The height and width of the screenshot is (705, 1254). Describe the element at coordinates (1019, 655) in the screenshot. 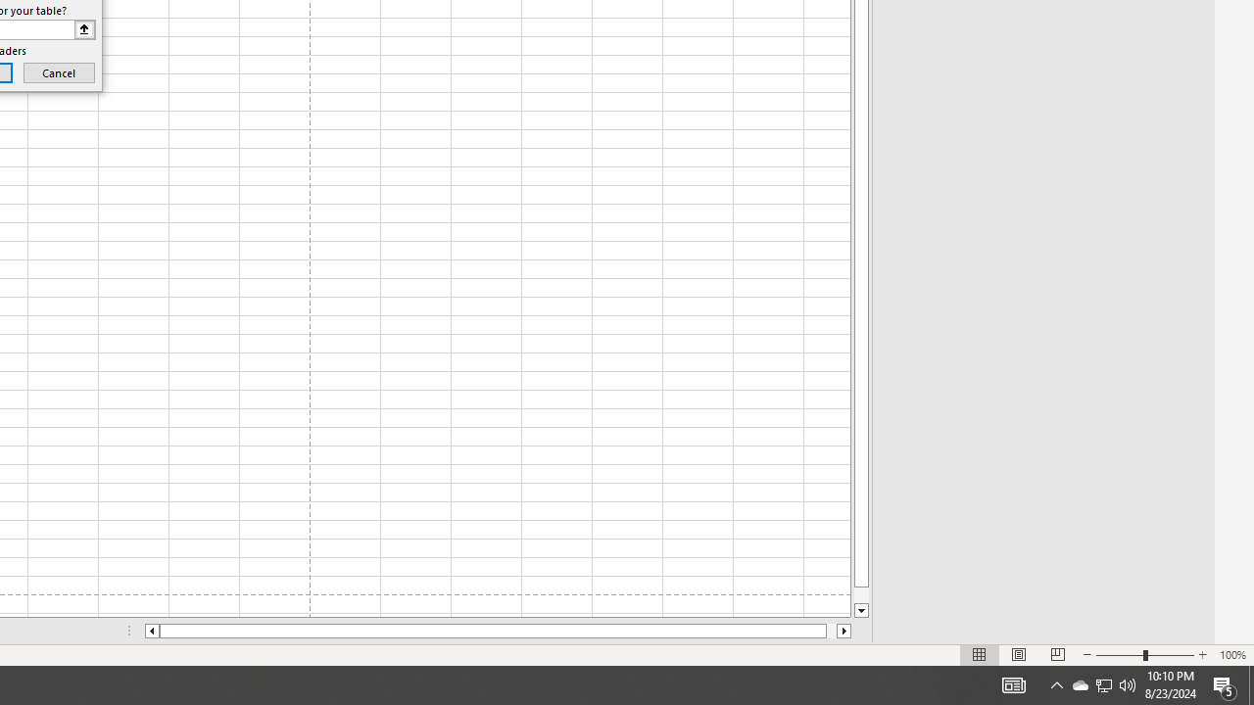

I see `'Page Layout'` at that location.